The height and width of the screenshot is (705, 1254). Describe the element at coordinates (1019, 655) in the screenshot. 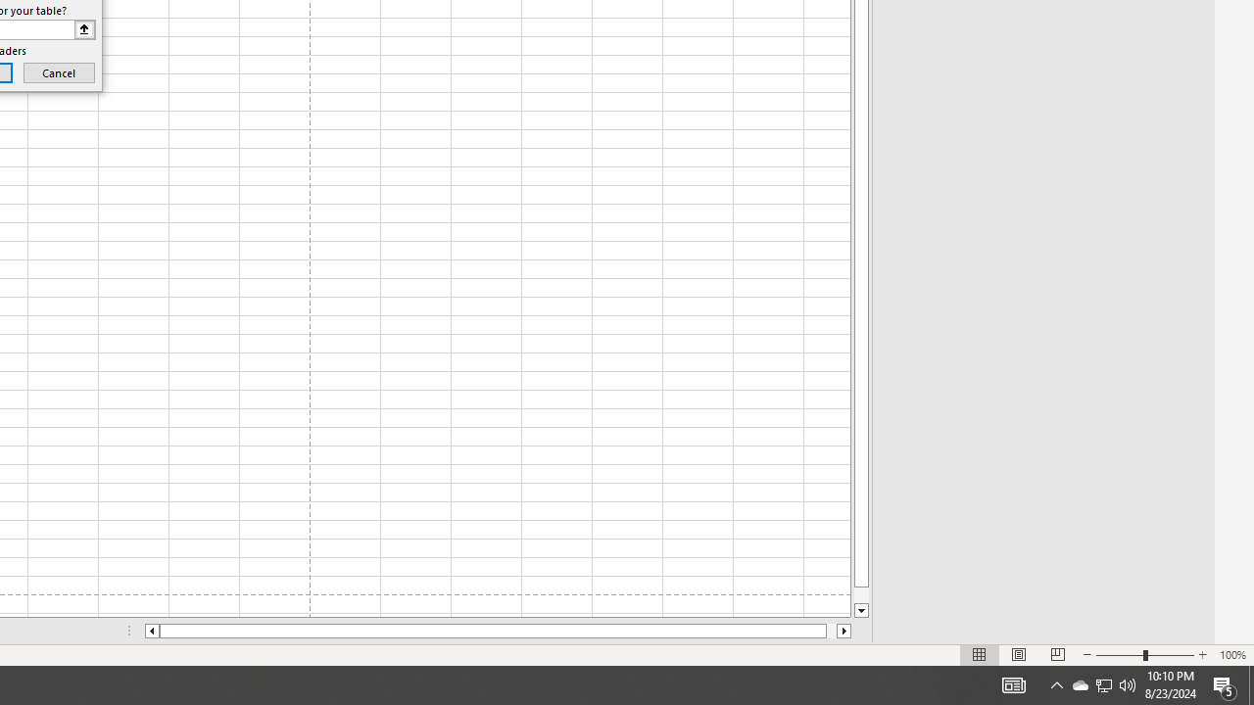

I see `'Page Layout'` at that location.